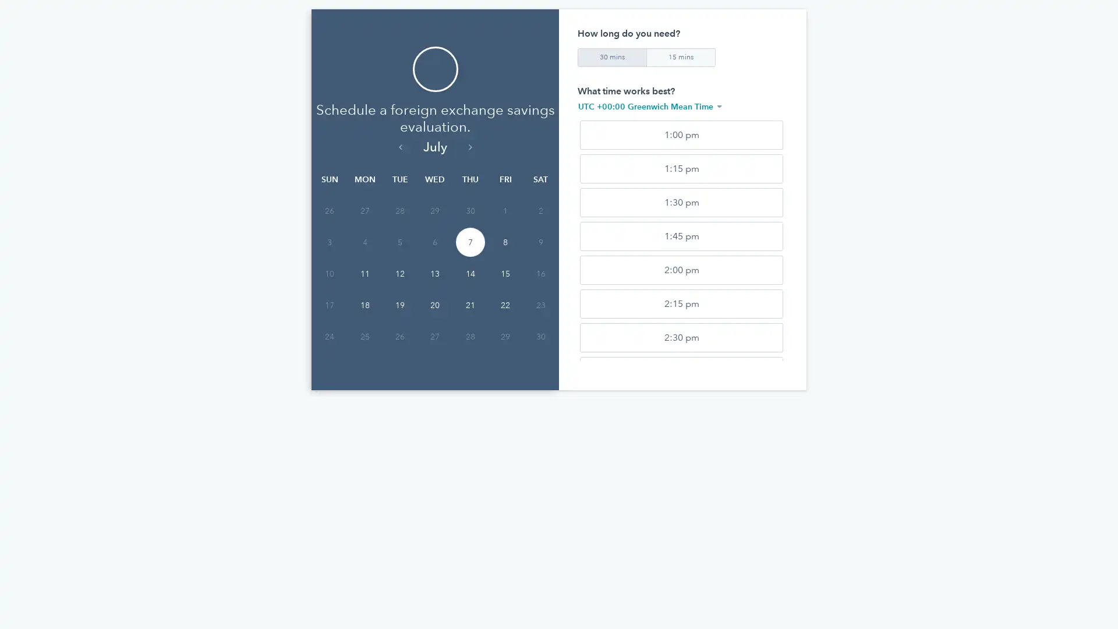  Describe the element at coordinates (363, 211) in the screenshot. I see `June 27th` at that location.